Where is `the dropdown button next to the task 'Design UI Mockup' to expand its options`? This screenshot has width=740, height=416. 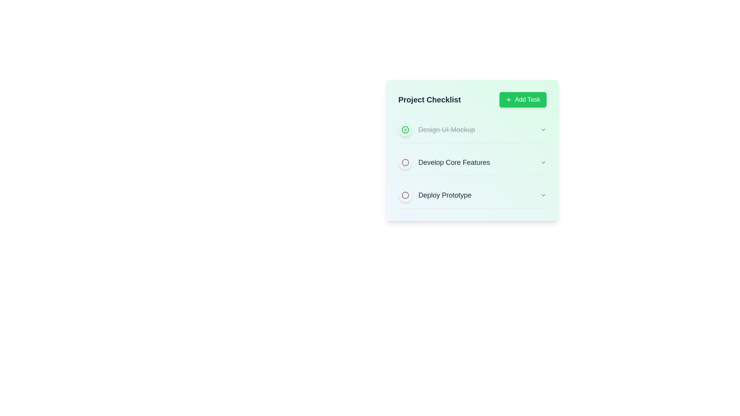
the dropdown button next to the task 'Design UI Mockup' to expand its options is located at coordinates (543, 129).